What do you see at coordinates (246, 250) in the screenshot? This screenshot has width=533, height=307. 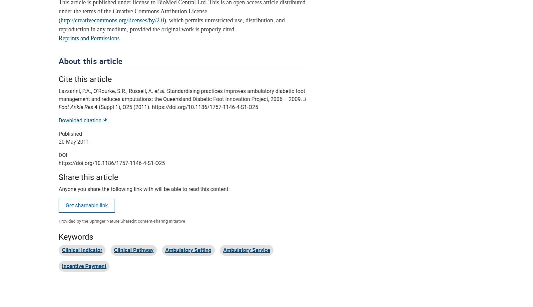 I see `'Ambulatory Service'` at bounding box center [246, 250].